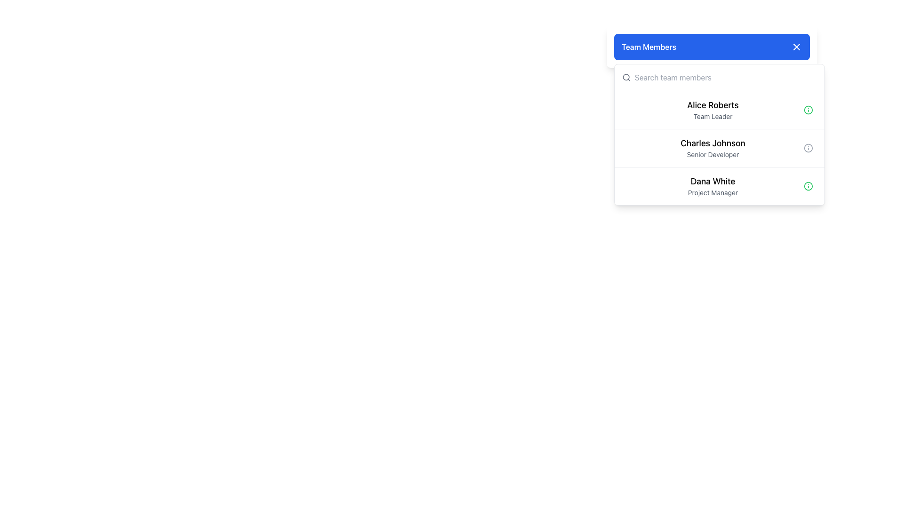 Image resolution: width=903 pixels, height=508 pixels. I want to click on the text label displaying 'Alice Roberts', which identifies this entry in the 'Team Members' list, so click(713, 105).